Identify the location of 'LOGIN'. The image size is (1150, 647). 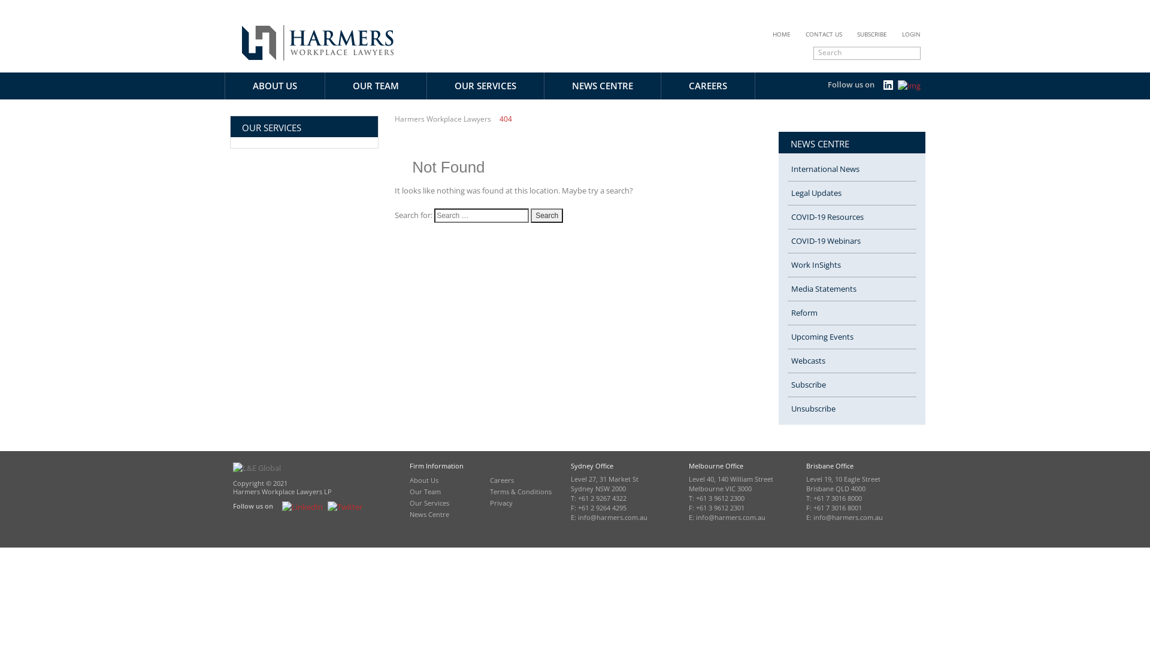
(910, 34).